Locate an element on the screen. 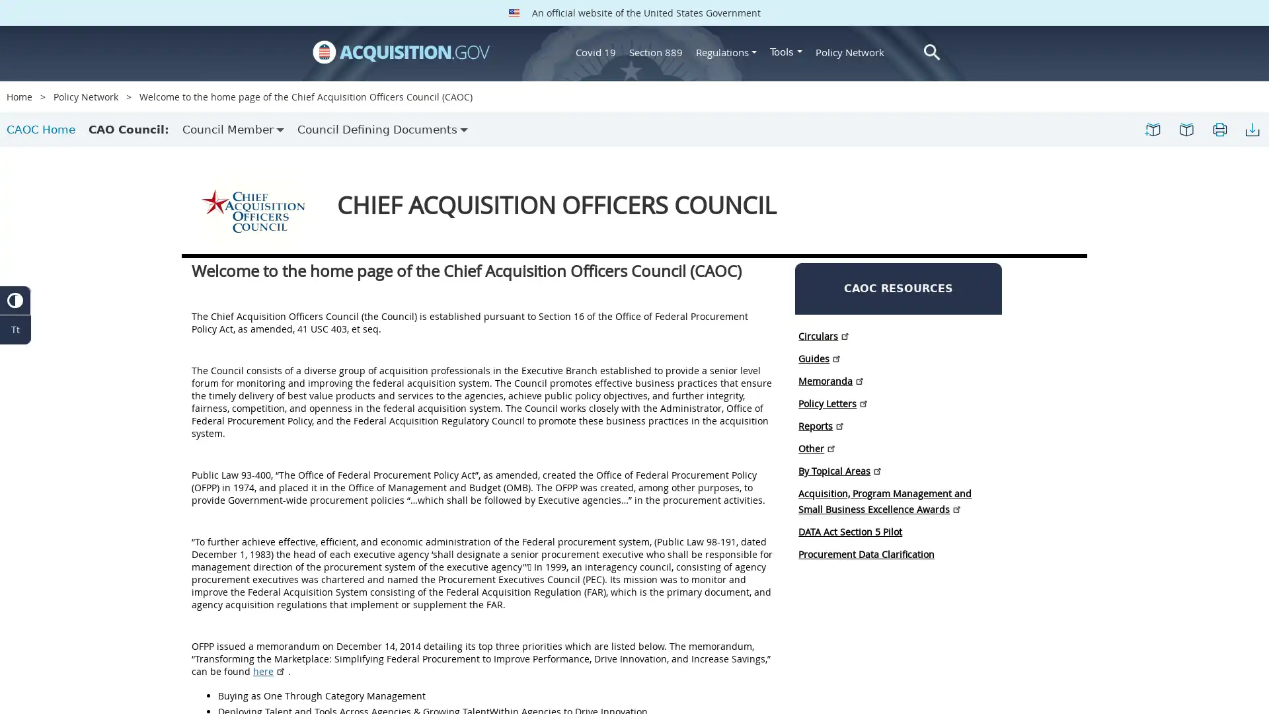 This screenshot has width=1269, height=714. Tools main is located at coordinates (786, 51).